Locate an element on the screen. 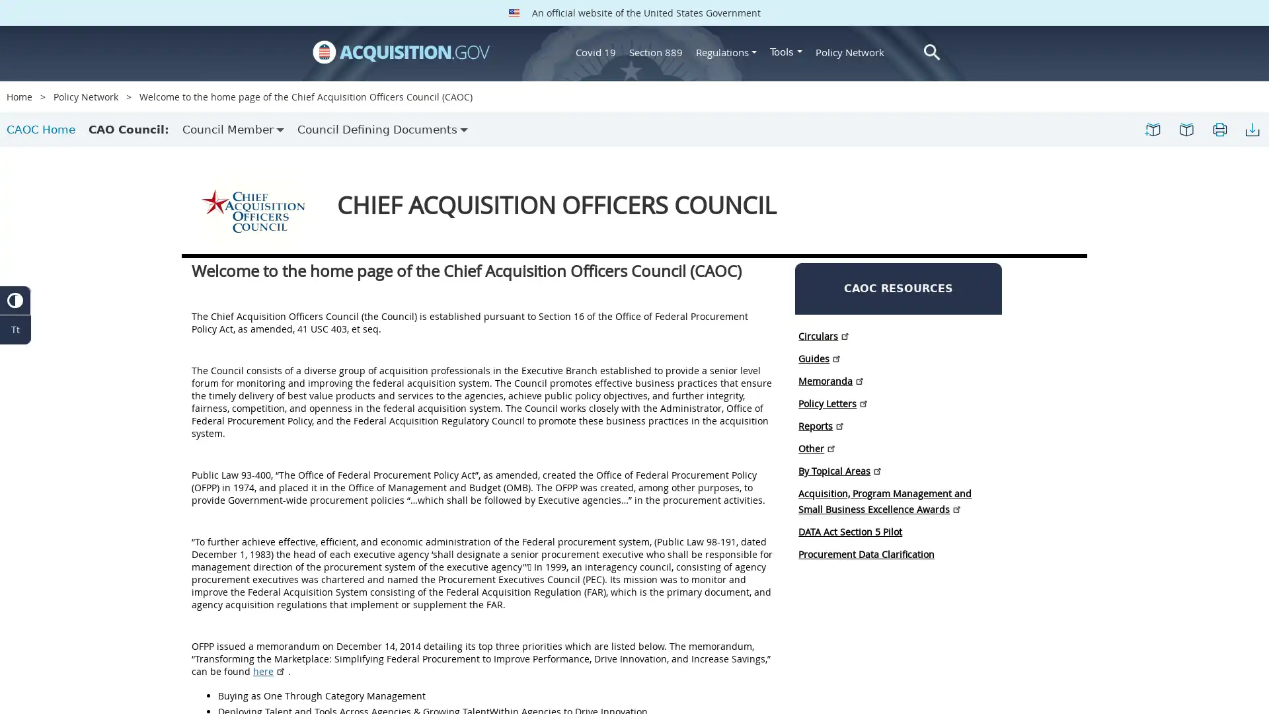 This screenshot has width=1269, height=714. Tools main is located at coordinates (786, 51).